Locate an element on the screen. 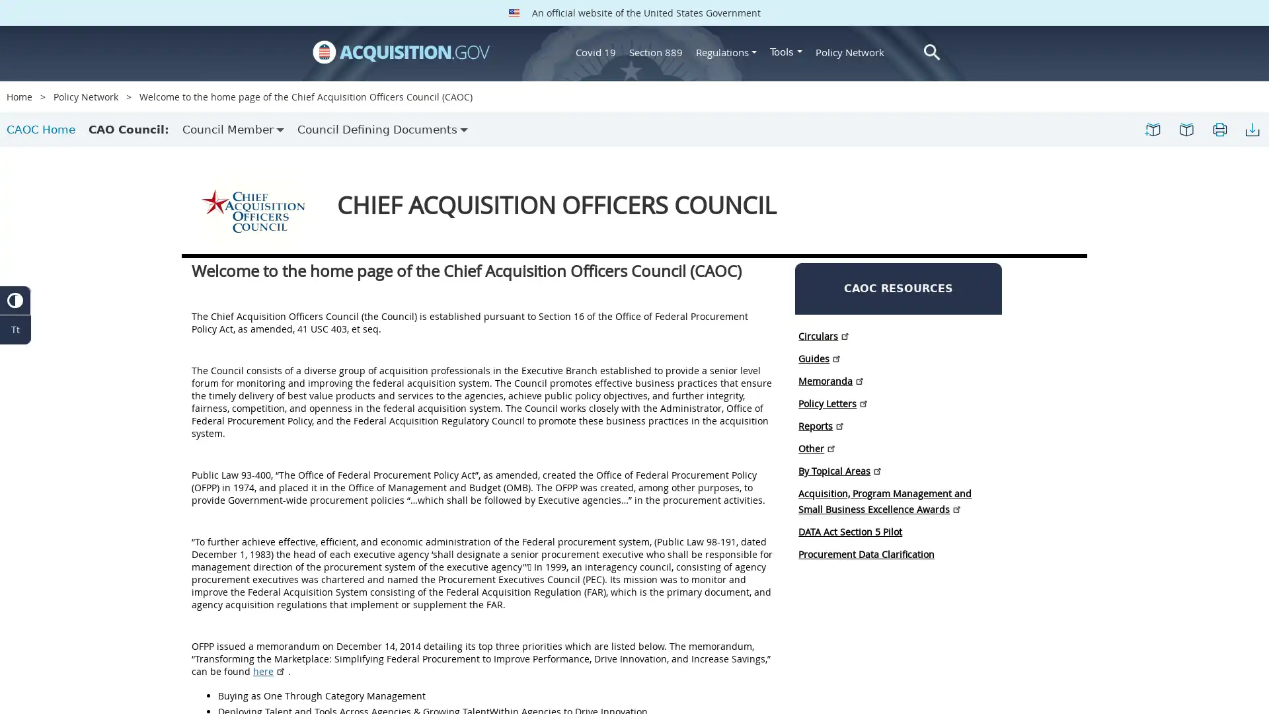 This screenshot has width=1269, height=714. Tools main is located at coordinates (786, 51).